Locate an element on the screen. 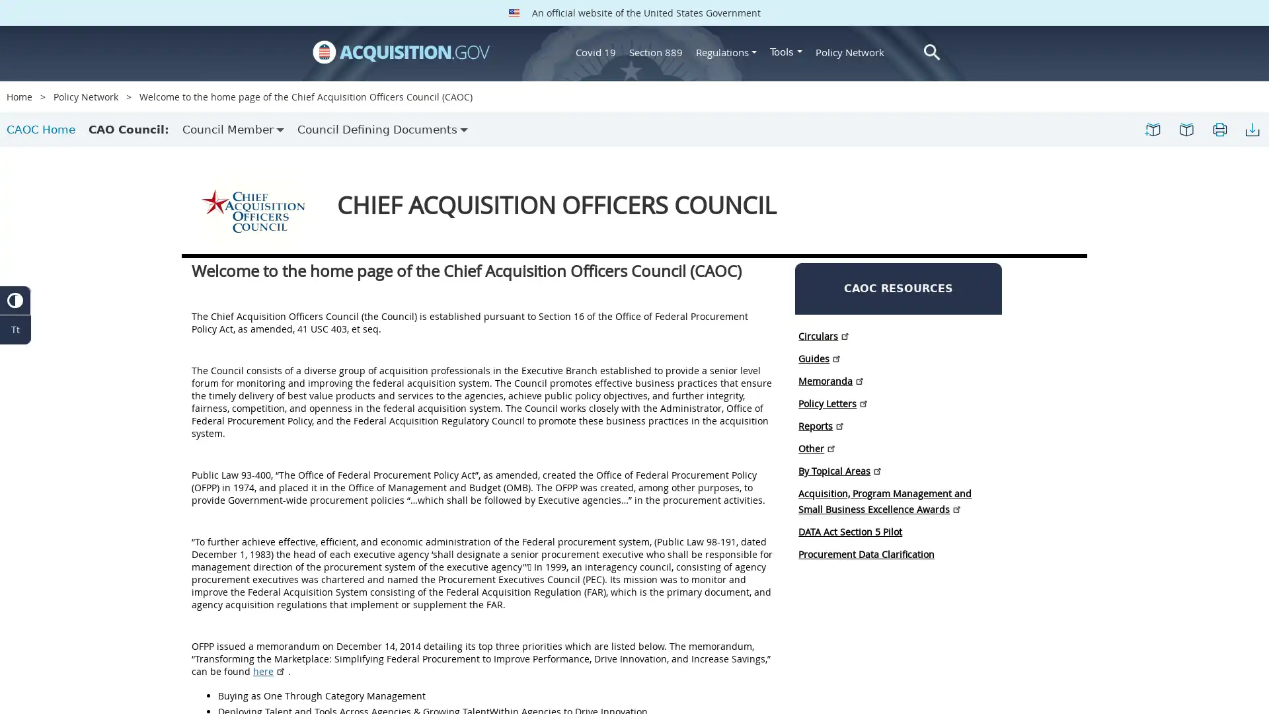 This screenshot has width=1269, height=714. Tools main is located at coordinates (786, 51).